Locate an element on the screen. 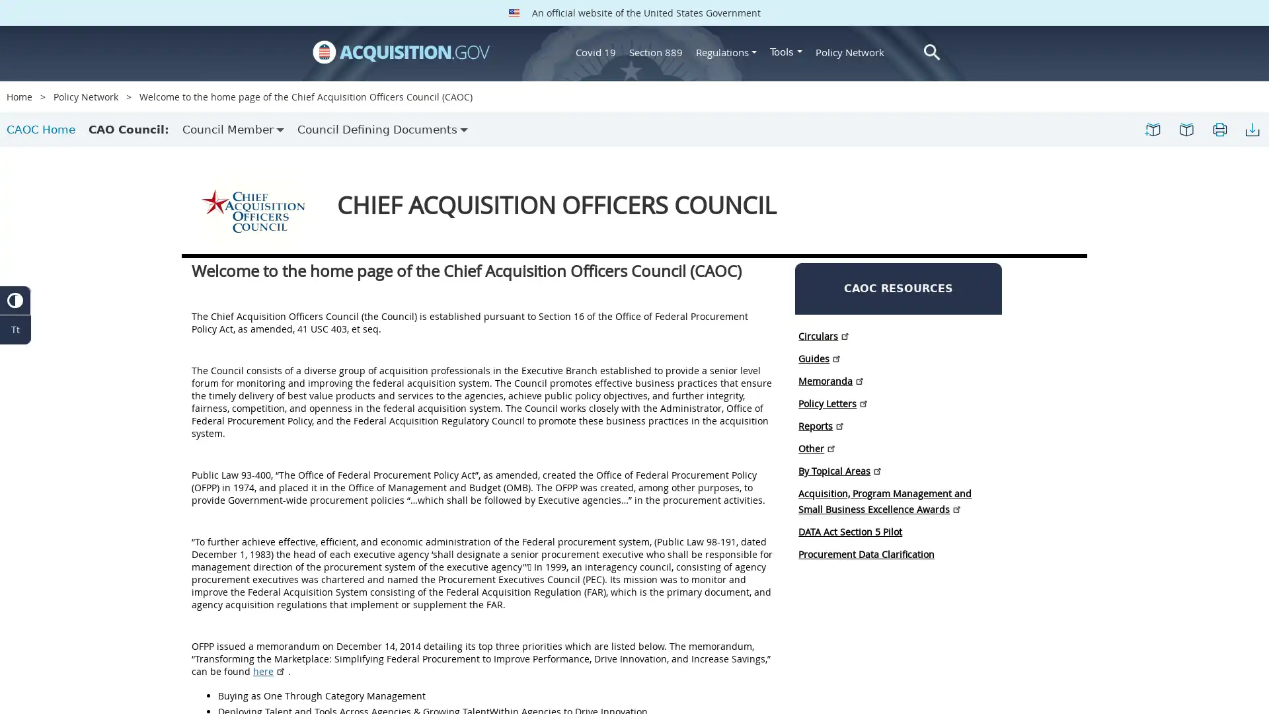 This screenshot has width=1269, height=714. Tools main is located at coordinates (786, 51).